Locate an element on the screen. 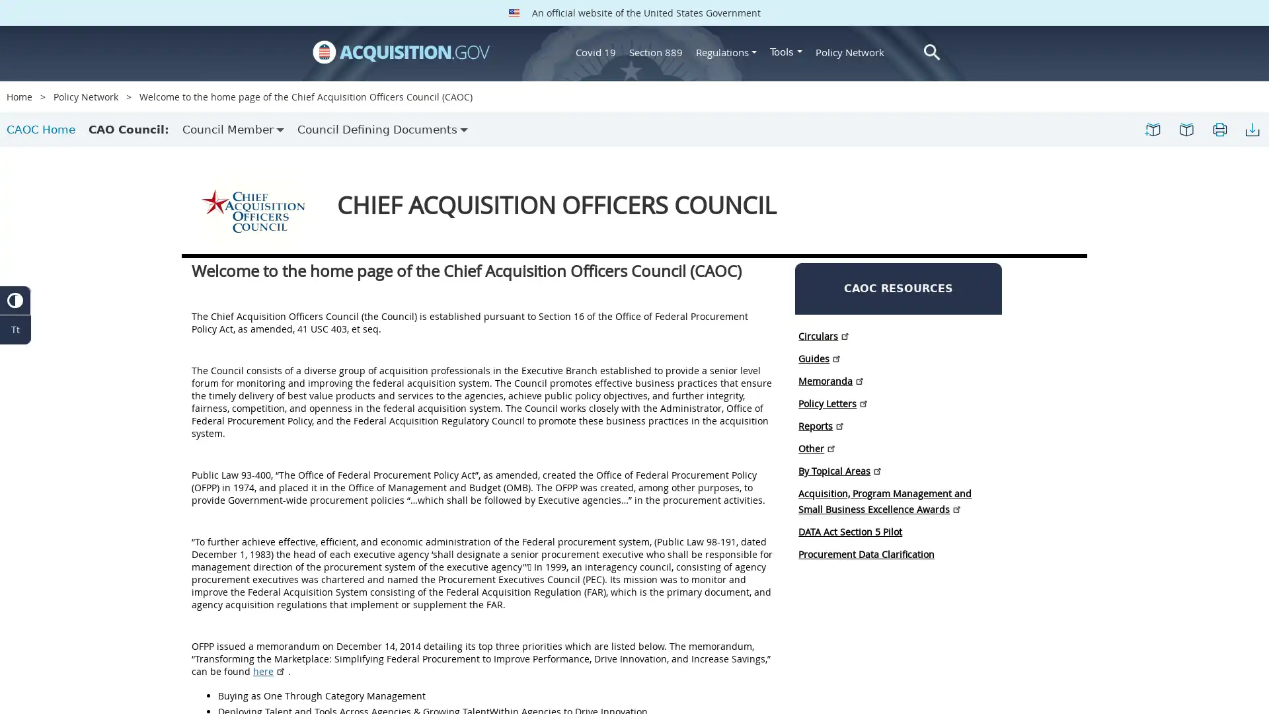 This screenshot has width=1269, height=714. Tools main is located at coordinates (786, 51).